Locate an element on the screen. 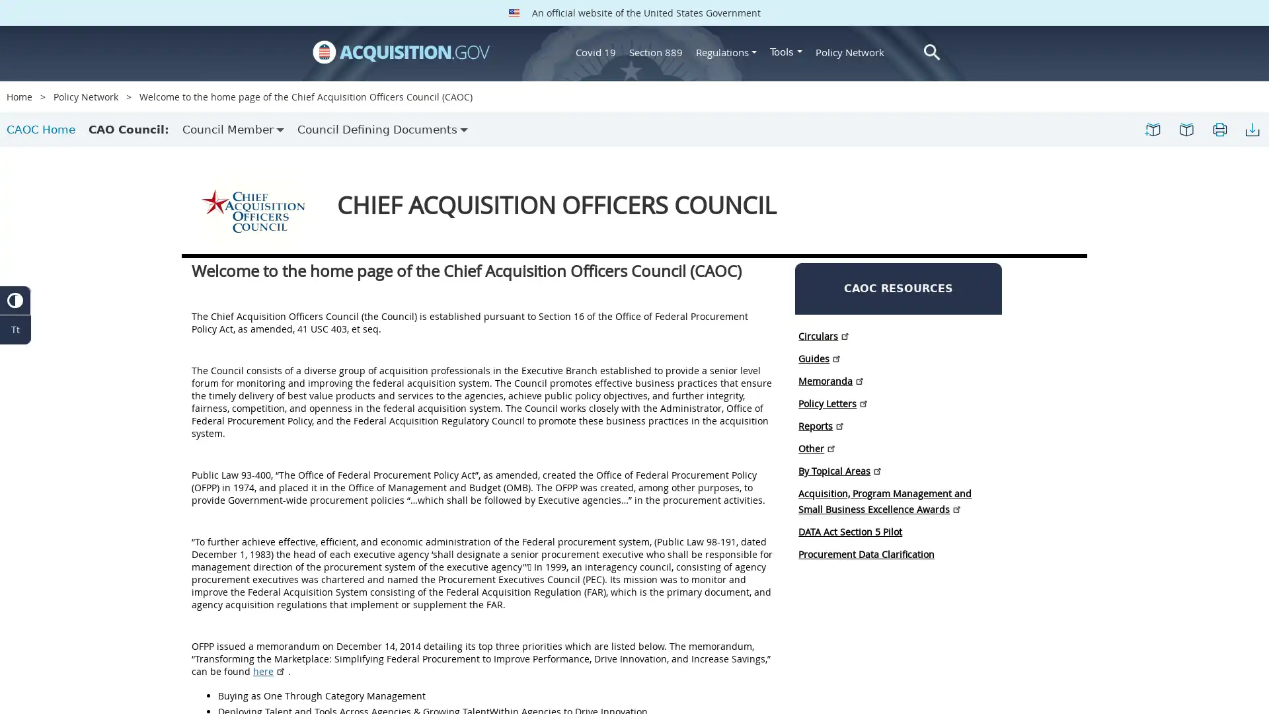 This screenshot has width=1269, height=714. Tools main is located at coordinates (786, 51).